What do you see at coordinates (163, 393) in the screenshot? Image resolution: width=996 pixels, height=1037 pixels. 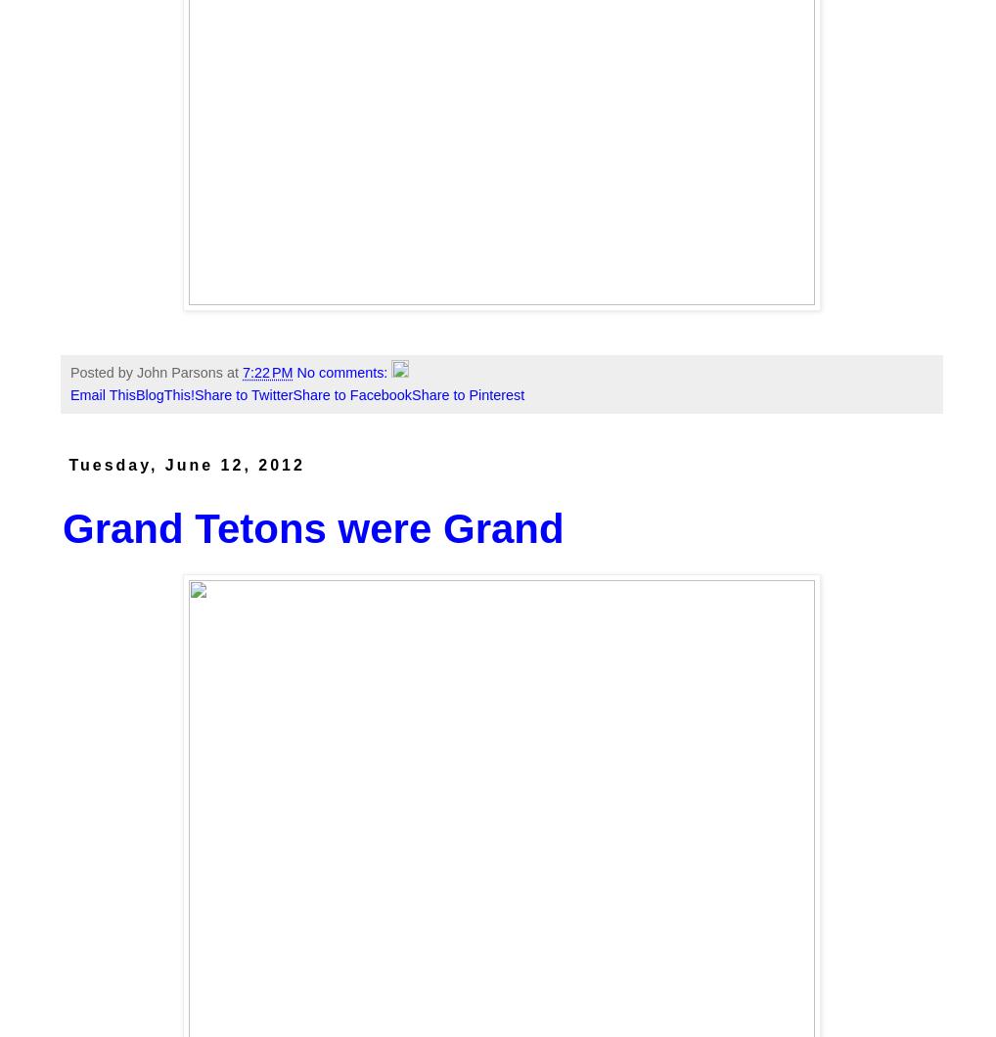 I see `'BlogThis!'` at bounding box center [163, 393].